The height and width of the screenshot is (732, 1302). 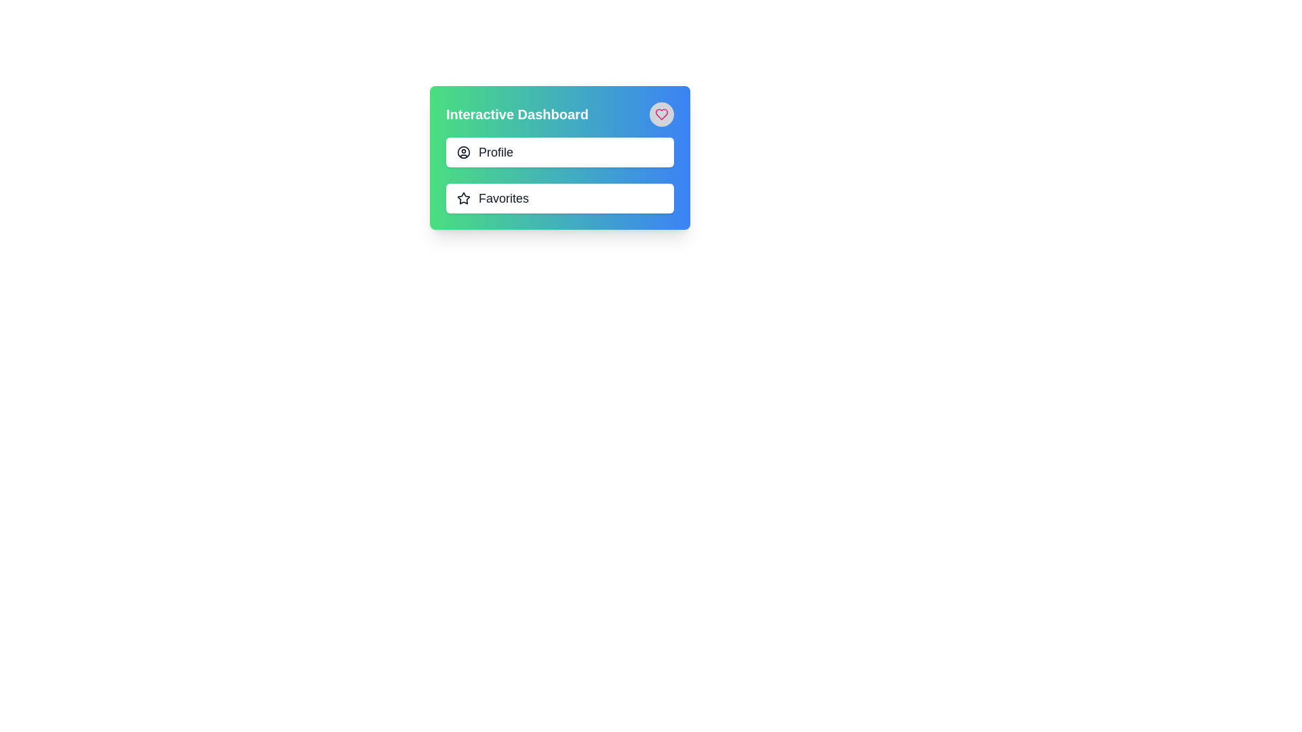 What do you see at coordinates (661, 114) in the screenshot?
I see `the 'favorite' button located in the top-right corner of the 'Interactive Dashboard' to mark an item as favorite` at bounding box center [661, 114].